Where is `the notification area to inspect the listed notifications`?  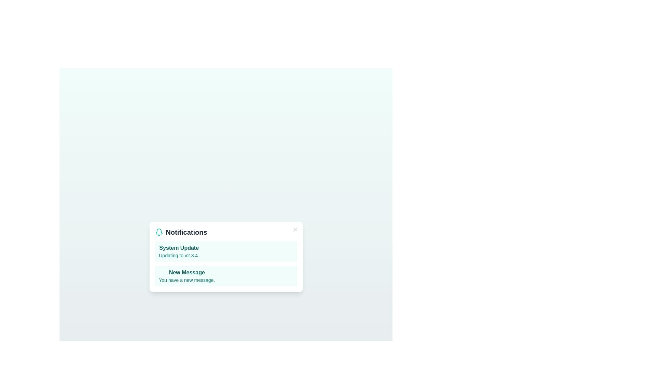
the notification area to inspect the listed notifications is located at coordinates (226, 257).